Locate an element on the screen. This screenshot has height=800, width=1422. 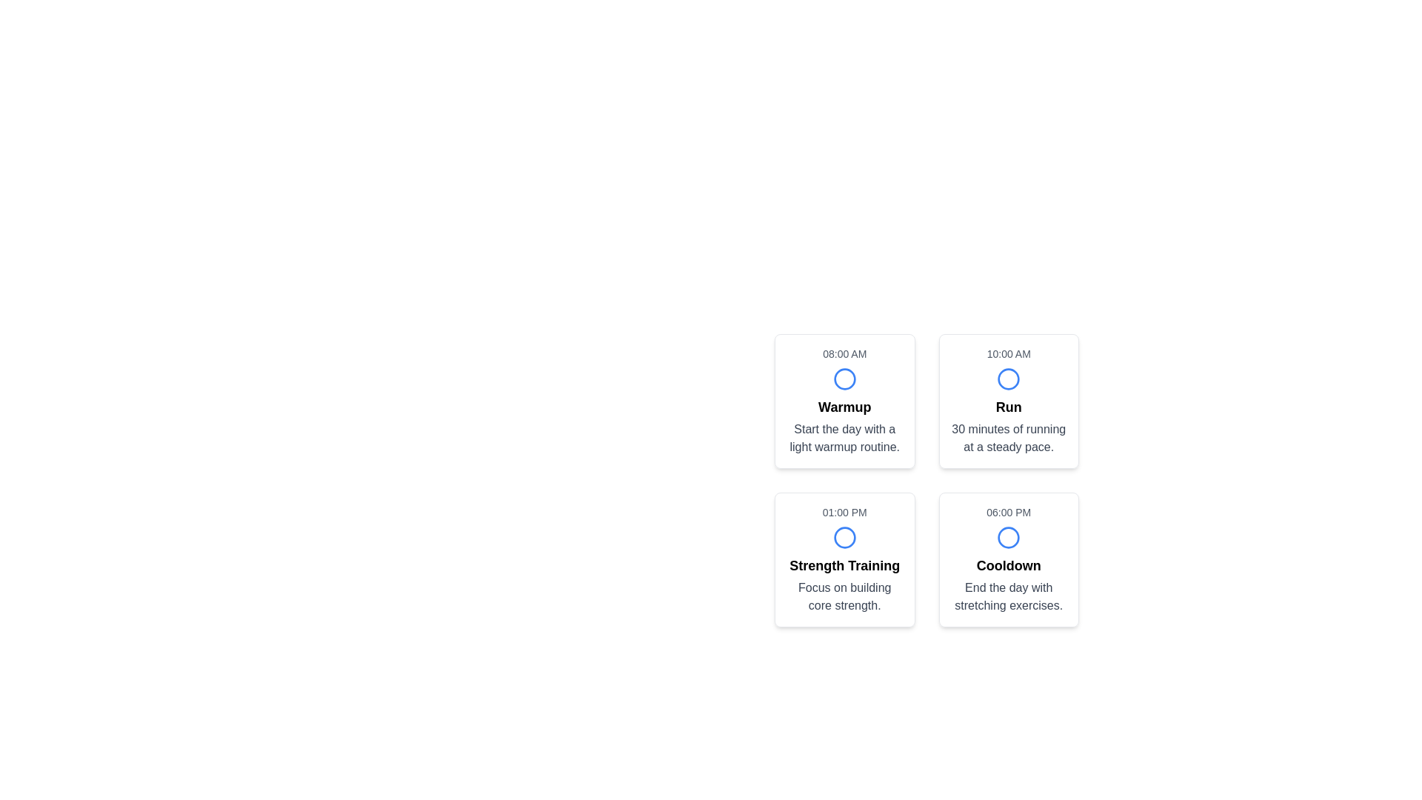
the text element that provides instructions for the 'Cooldown' session located in the bottom right of the 'Cooldown' card, beneath the title and time is located at coordinates (1008, 596).